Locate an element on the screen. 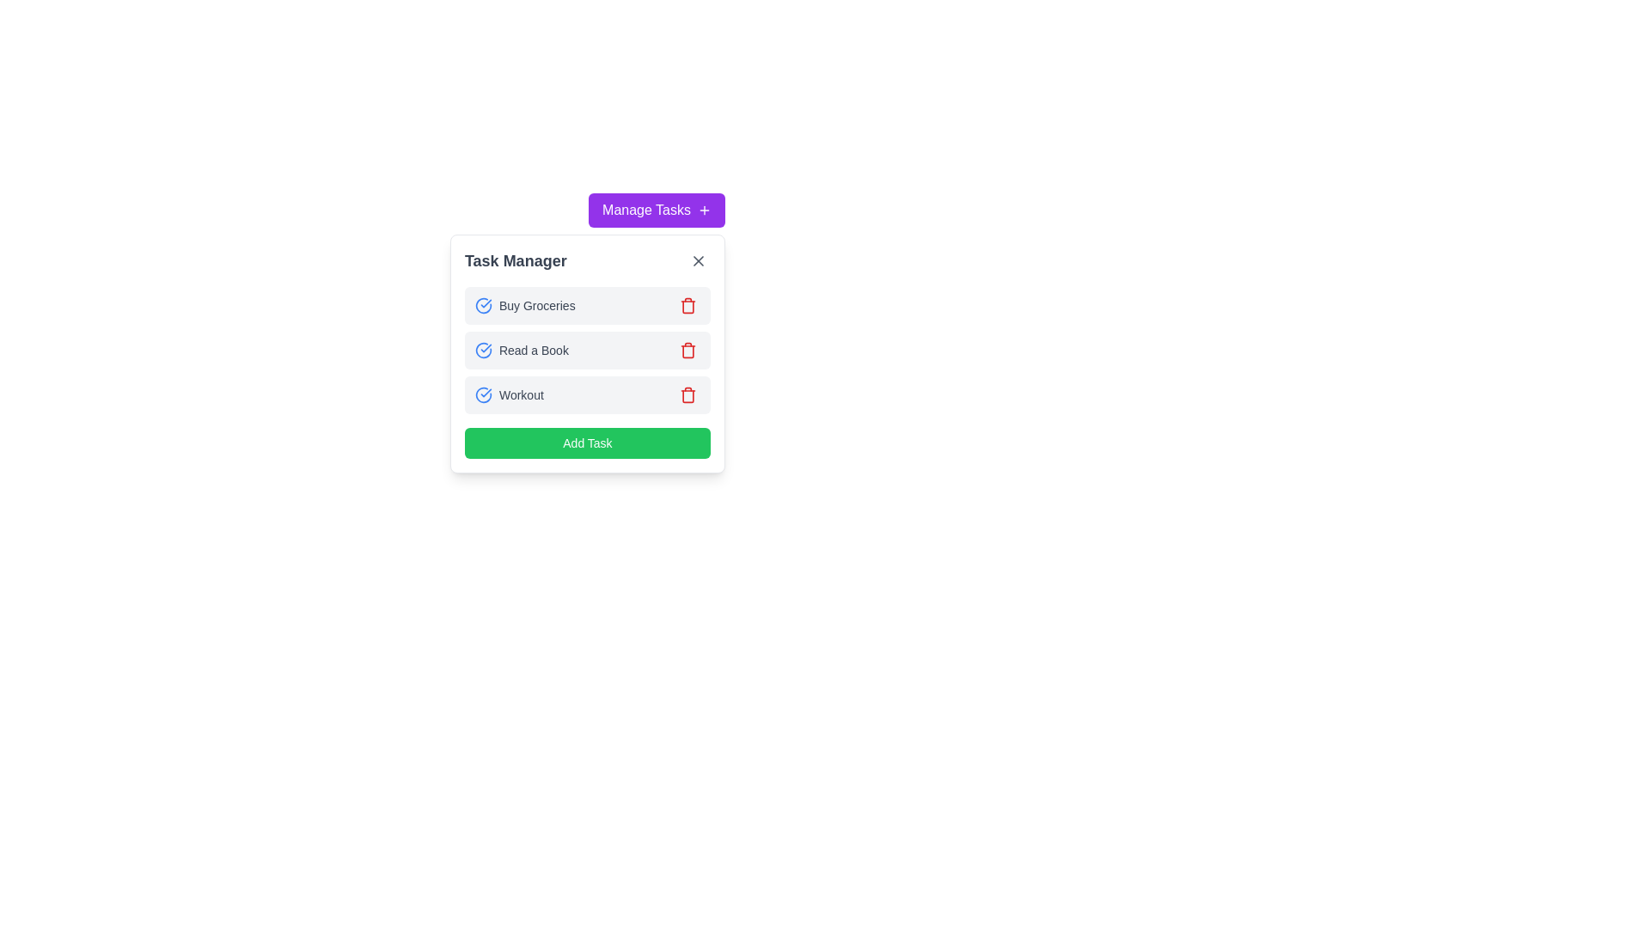  the status icon for the task 'Read a Book' in the Task Manager to interact or toggle its state is located at coordinates (482, 350).